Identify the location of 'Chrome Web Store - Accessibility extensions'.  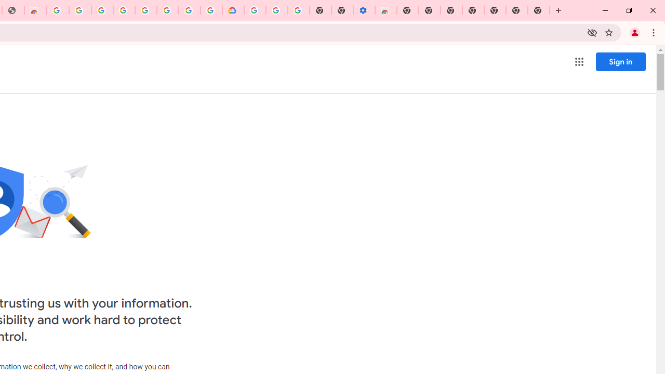
(385, 10).